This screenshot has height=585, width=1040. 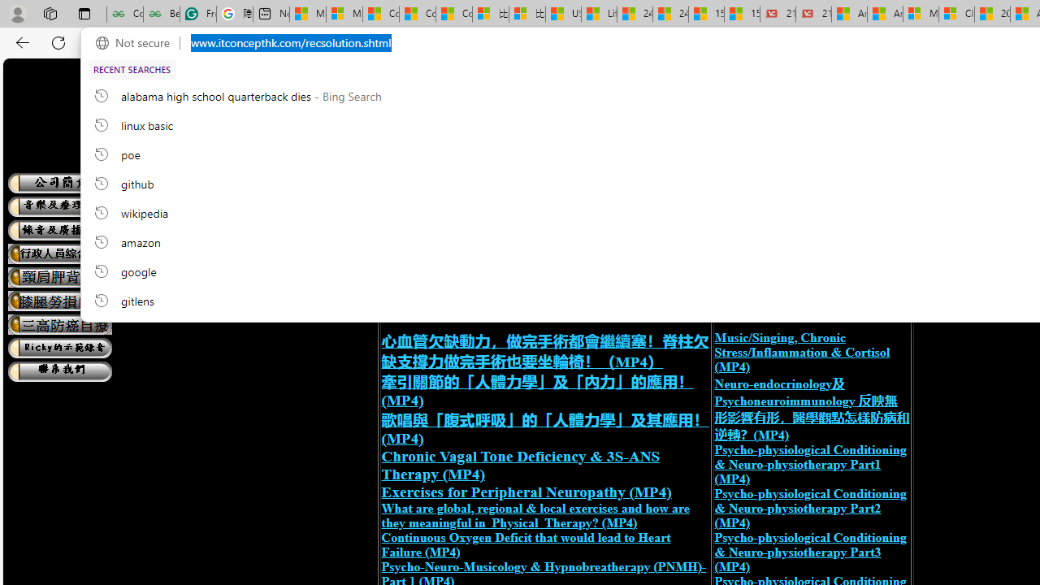 I want to click on 'Chronic Vagal Tone Deficiency & 3S-ANS Therapy (MP4)', so click(x=520, y=465).